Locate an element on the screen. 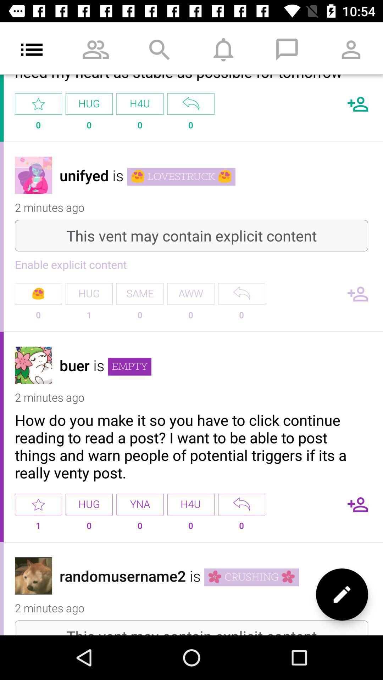 The width and height of the screenshot is (383, 680). the icon next to the is item is located at coordinates (129, 367).